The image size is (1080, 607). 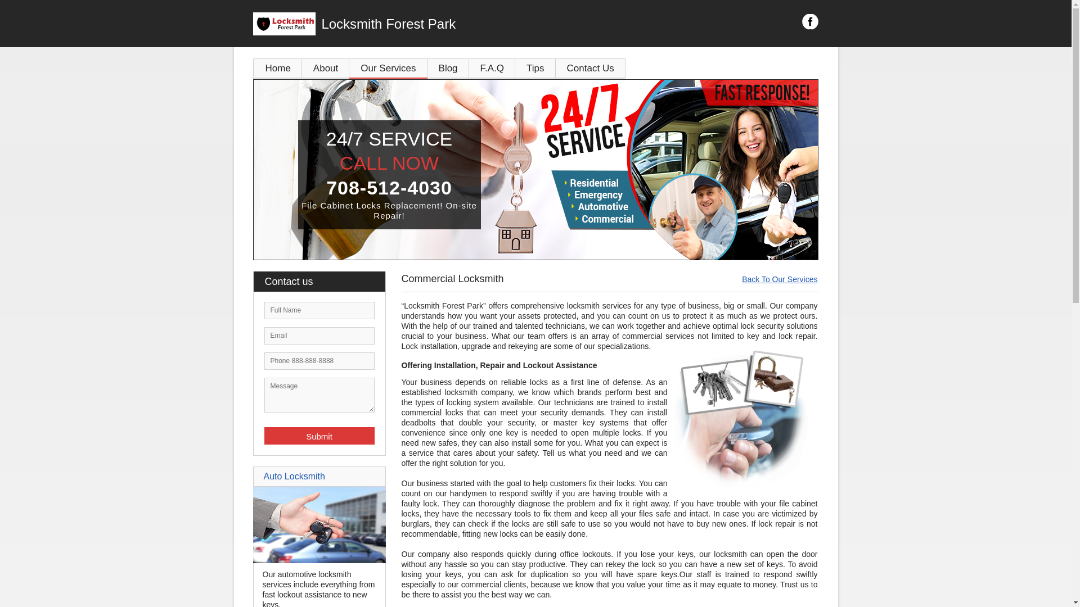 What do you see at coordinates (810, 21) in the screenshot?
I see `'Facebook'` at bounding box center [810, 21].